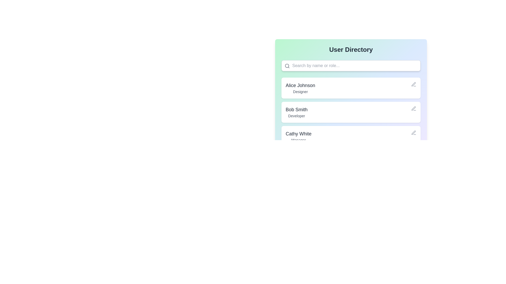 This screenshot has width=506, height=284. Describe the element at coordinates (413, 108) in the screenshot. I see `the pencil icon` at that location.